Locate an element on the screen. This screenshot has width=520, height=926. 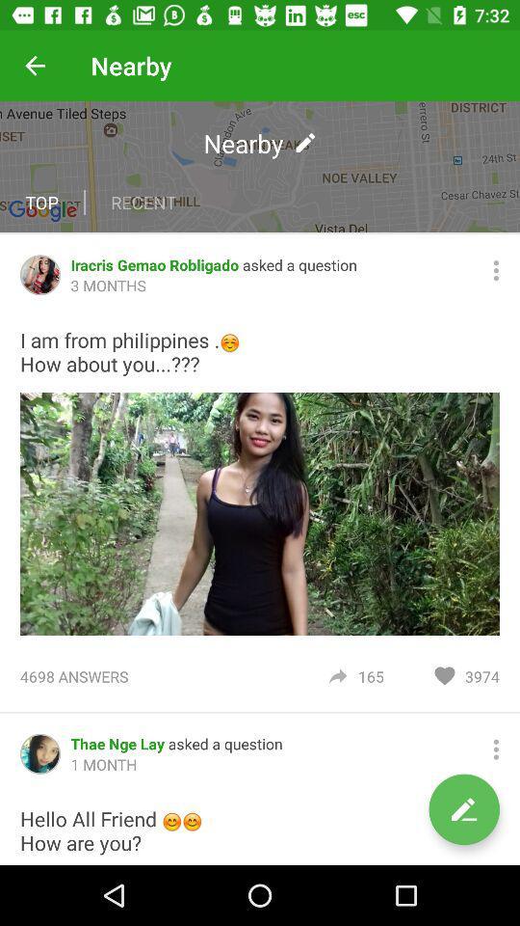
write a post is located at coordinates (463, 809).